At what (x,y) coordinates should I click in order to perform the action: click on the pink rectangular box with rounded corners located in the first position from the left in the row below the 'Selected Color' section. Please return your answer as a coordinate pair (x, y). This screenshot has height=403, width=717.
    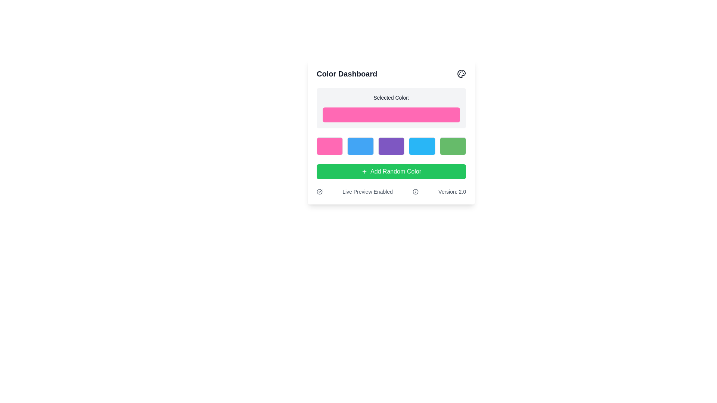
    Looking at the image, I should click on (329, 146).